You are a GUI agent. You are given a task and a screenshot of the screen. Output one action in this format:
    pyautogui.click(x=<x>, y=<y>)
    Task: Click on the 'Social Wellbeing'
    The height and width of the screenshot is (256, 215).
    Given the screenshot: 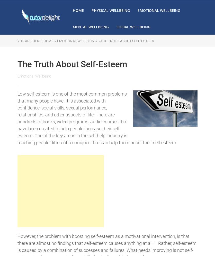 What is the action you would take?
    pyautogui.click(x=133, y=27)
    